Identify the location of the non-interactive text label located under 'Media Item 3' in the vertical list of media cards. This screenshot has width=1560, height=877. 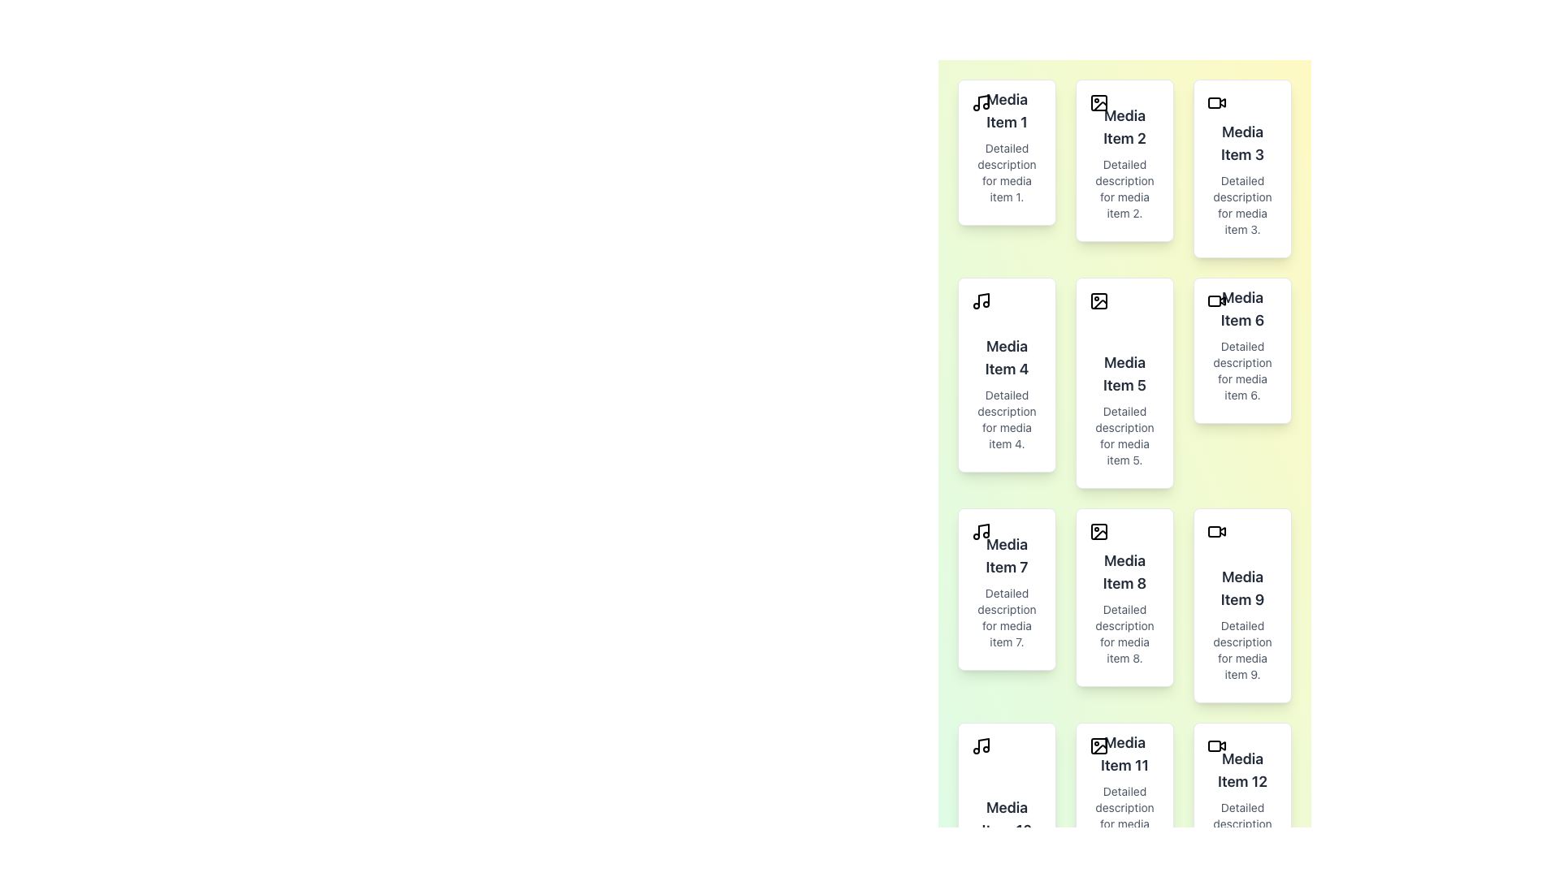
(1241, 205).